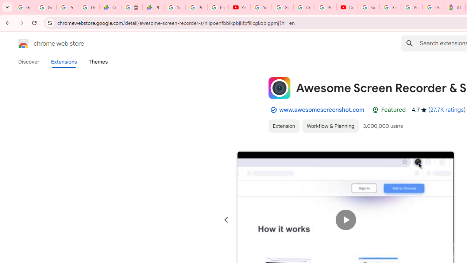 This screenshot has height=263, width=467. Describe the element at coordinates (273, 110) in the screenshot. I see `'By Established Publisher Badge'` at that location.